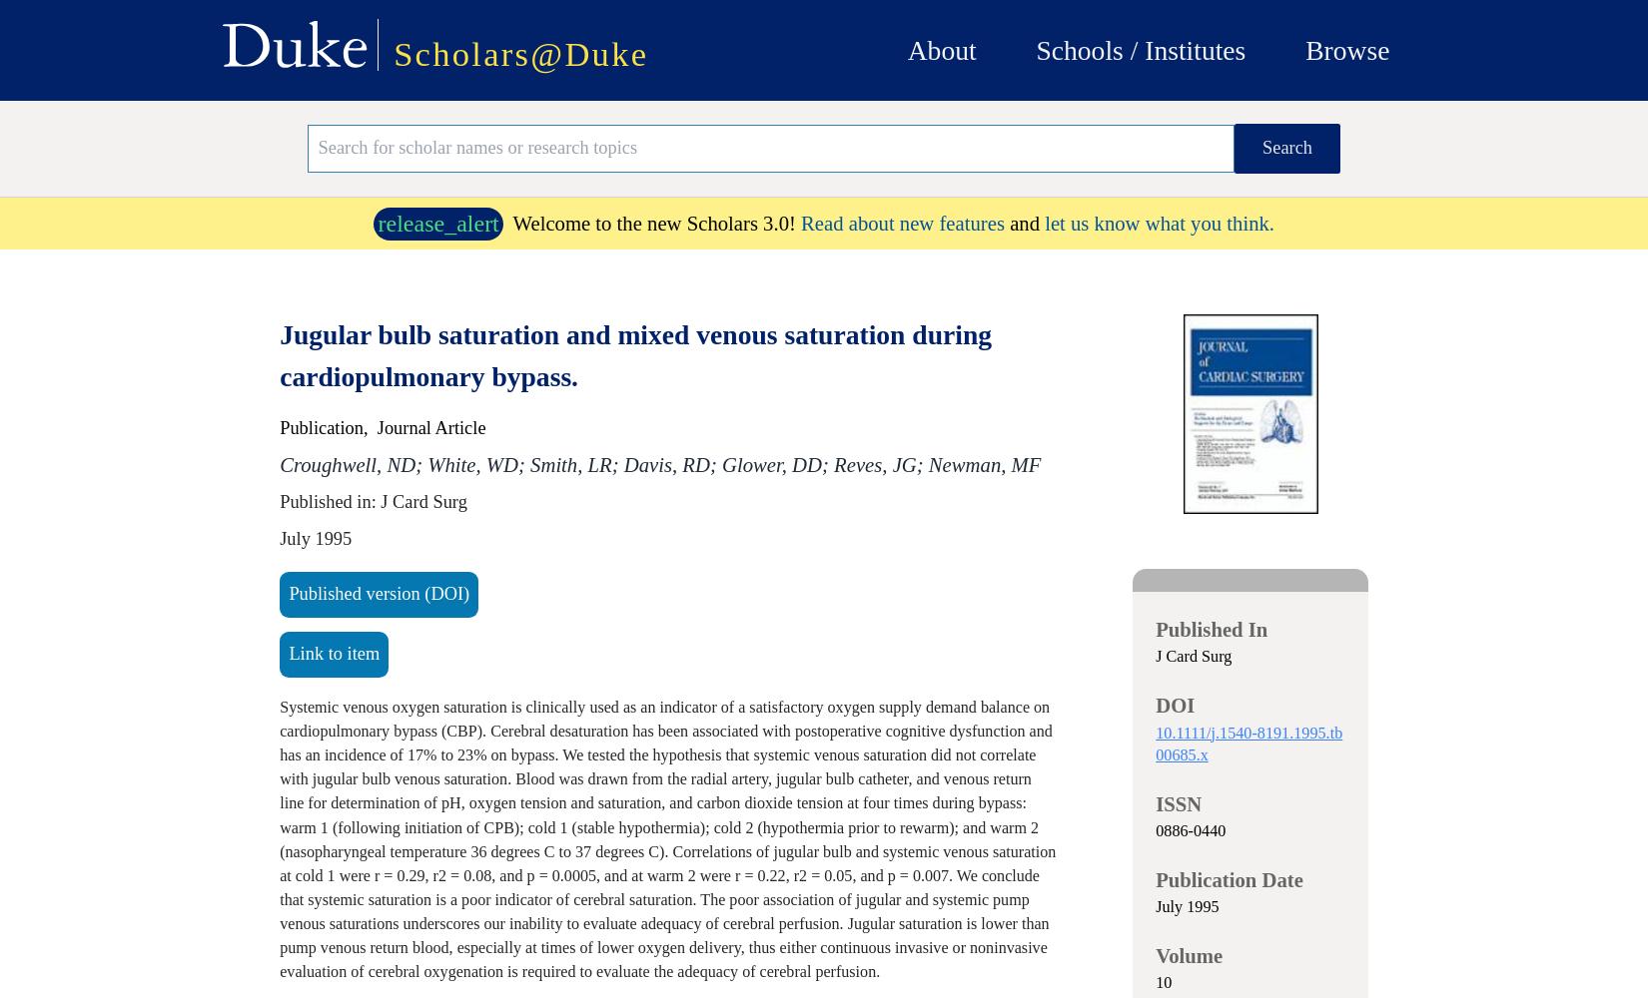 The image size is (1648, 998). What do you see at coordinates (1155, 705) in the screenshot?
I see `'DOI'` at bounding box center [1155, 705].